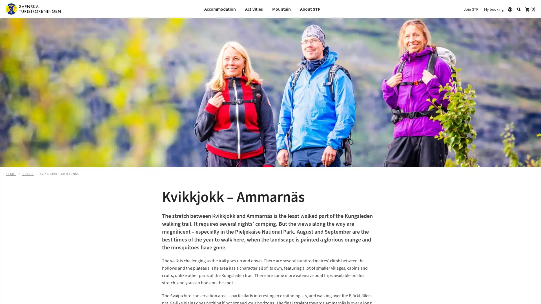 Image resolution: width=541 pixels, height=304 pixels. What do you see at coordinates (375, 22) in the screenshot?
I see `s` at bounding box center [375, 22].